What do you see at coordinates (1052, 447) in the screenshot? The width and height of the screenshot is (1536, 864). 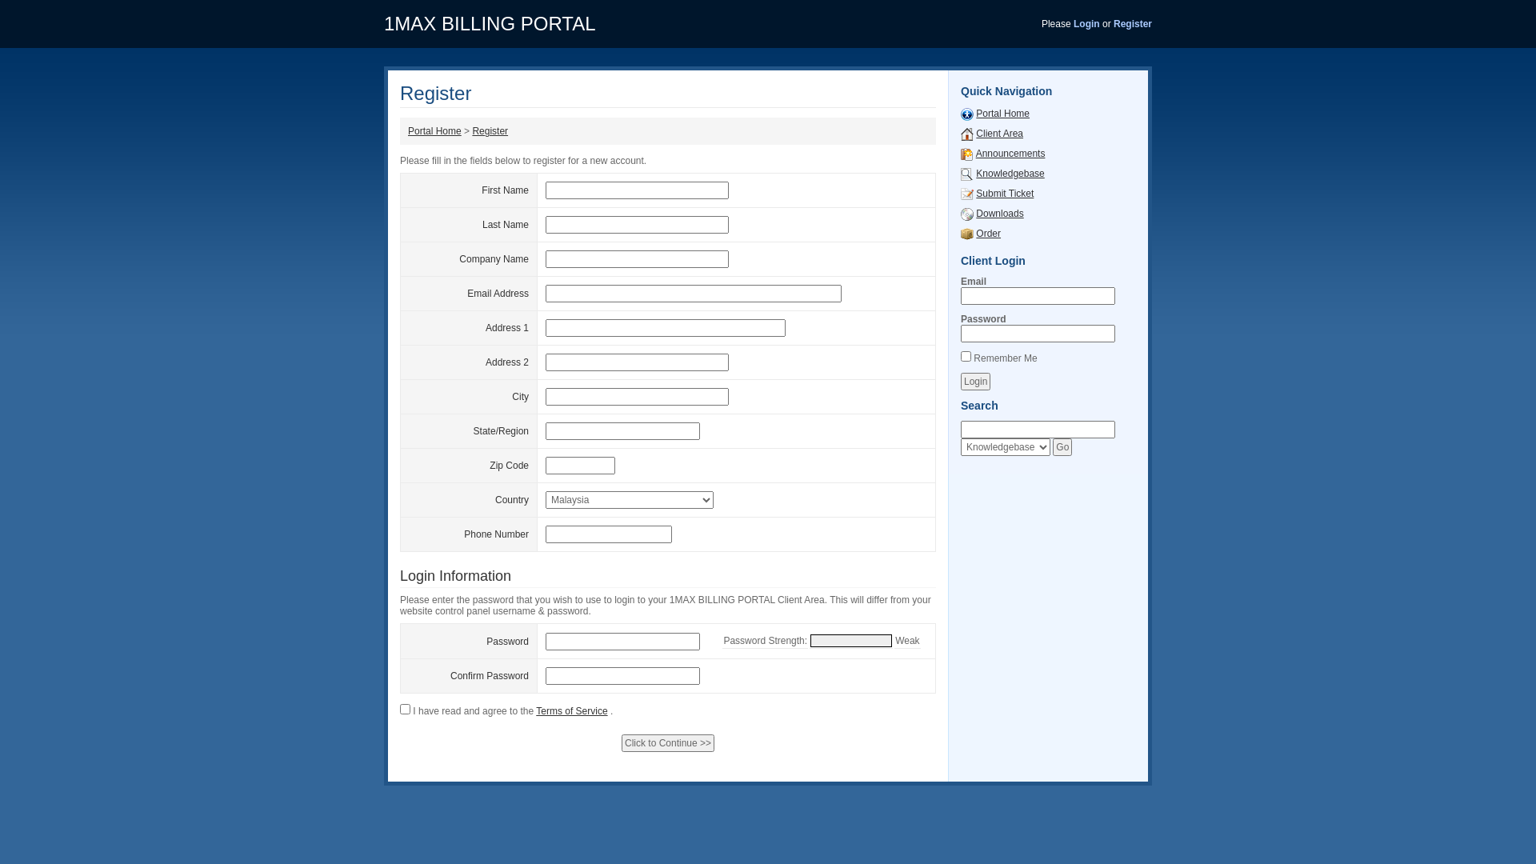 I see `'Go'` at bounding box center [1052, 447].